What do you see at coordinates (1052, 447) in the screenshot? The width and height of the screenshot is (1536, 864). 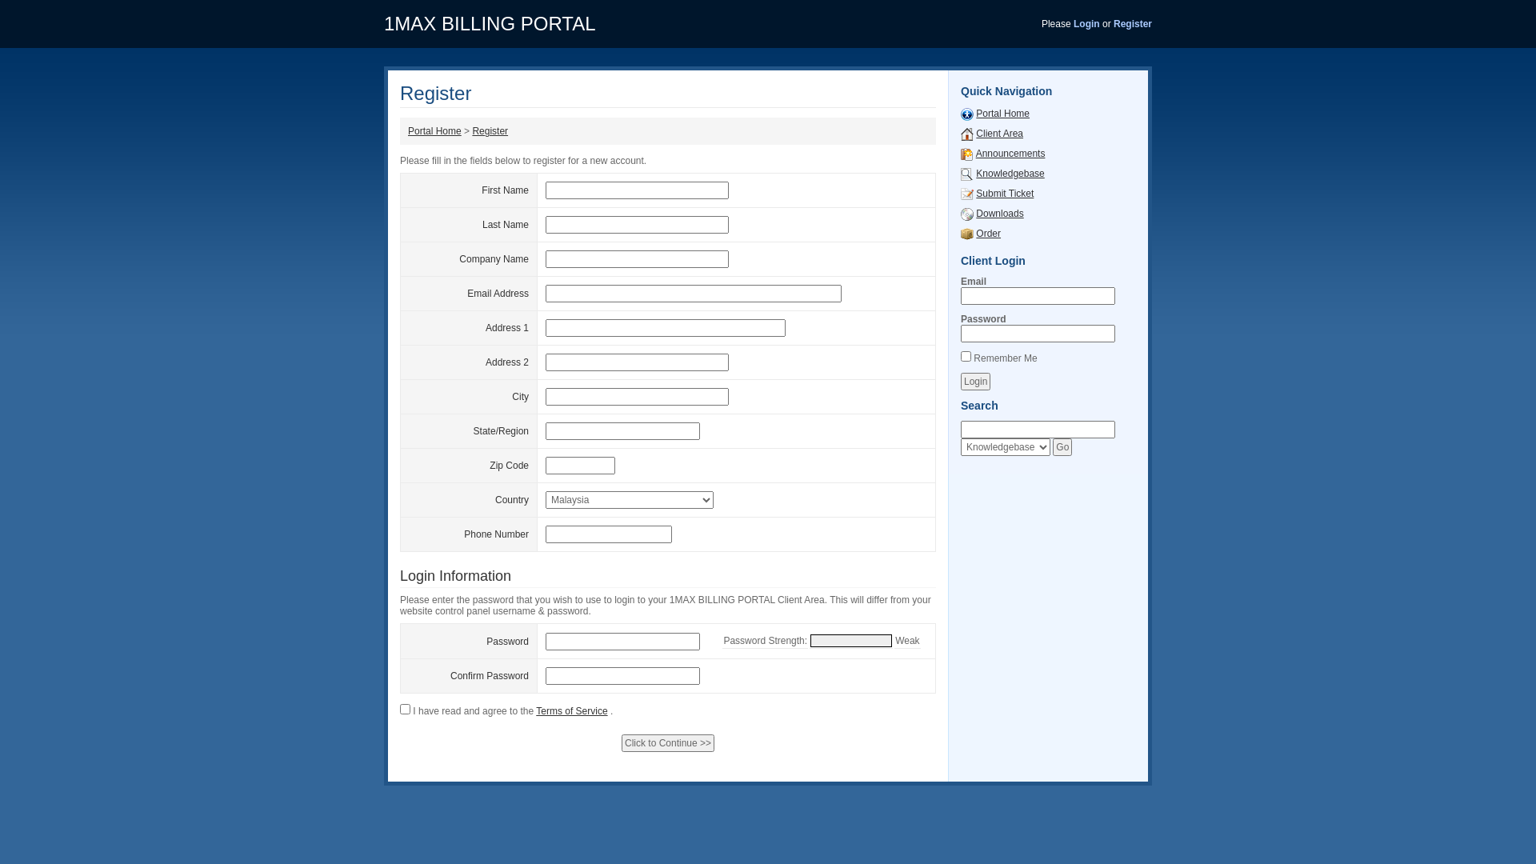 I see `'Go'` at bounding box center [1052, 447].